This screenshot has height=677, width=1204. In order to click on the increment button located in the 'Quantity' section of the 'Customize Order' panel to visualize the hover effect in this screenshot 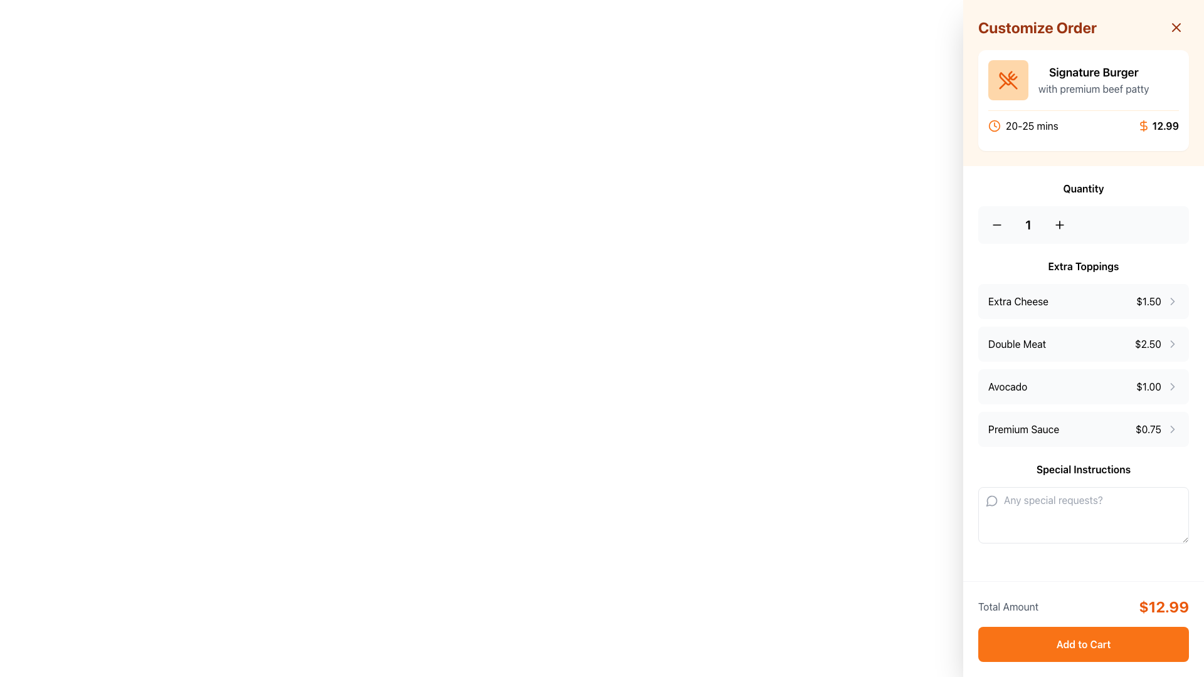, I will do `click(1059, 224)`.